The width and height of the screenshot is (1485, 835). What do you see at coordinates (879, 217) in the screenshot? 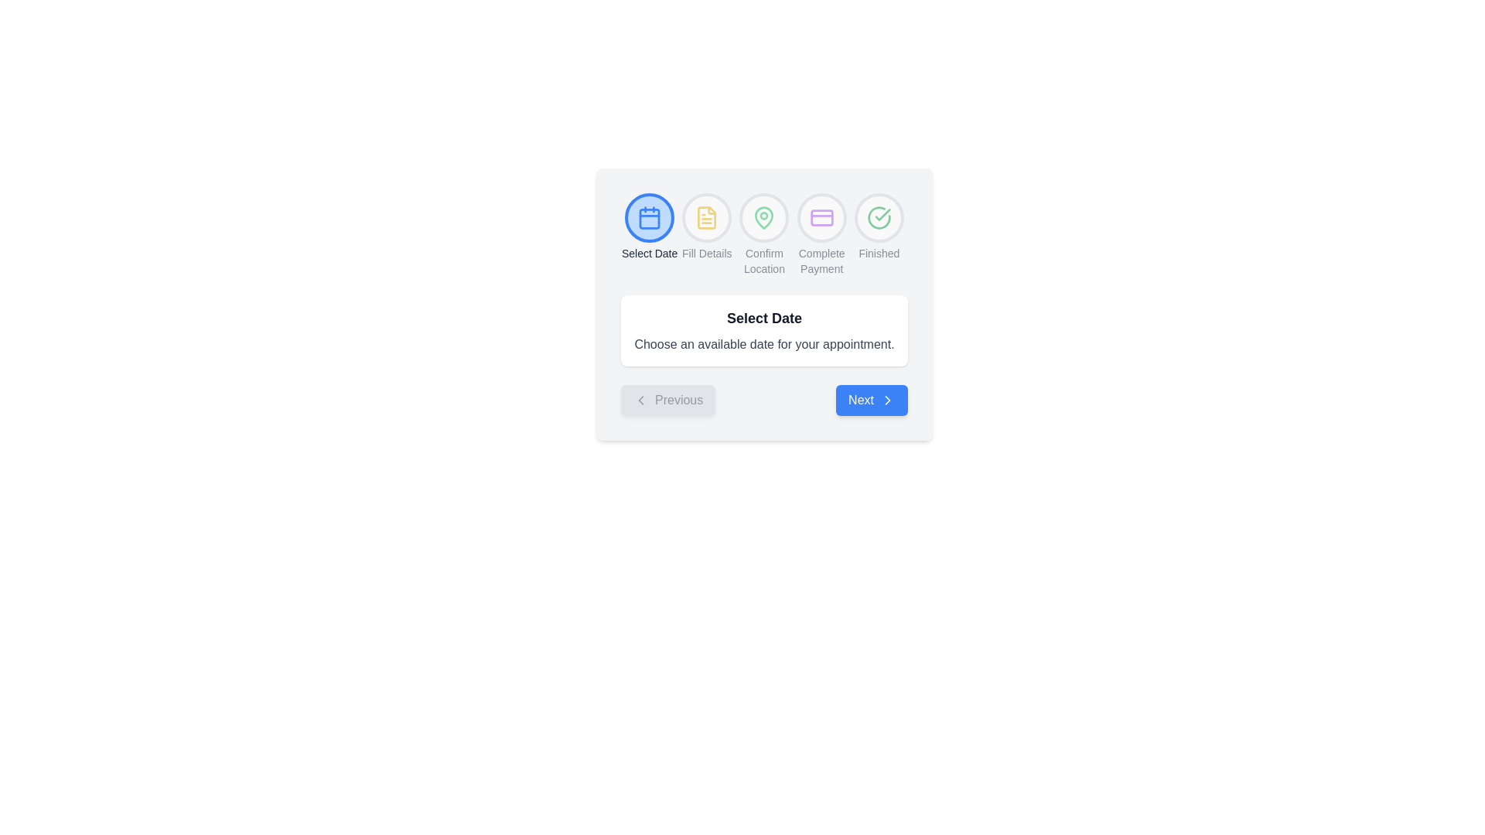
I see `the circular icon with a green outline and green checkmark, which signifies completion, located adjacent to the 'Finished' label in the sequence of step indicators` at bounding box center [879, 217].